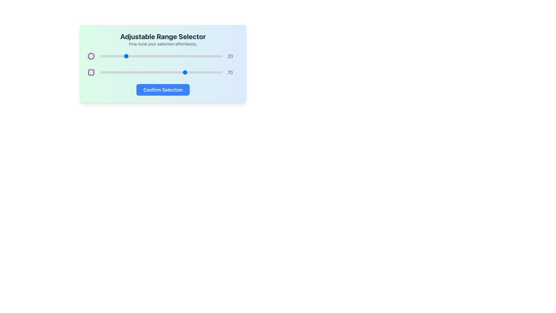 The width and height of the screenshot is (556, 313). Describe the element at coordinates (195, 72) in the screenshot. I see `the slider` at that location.